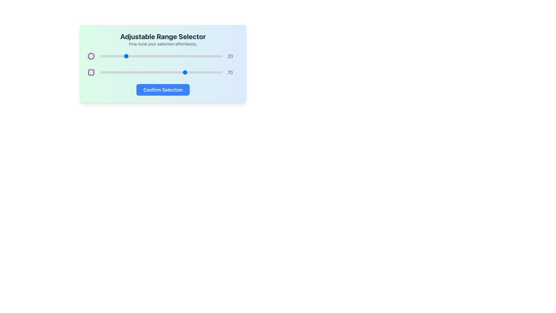 The width and height of the screenshot is (556, 313). Describe the element at coordinates (195, 72) in the screenshot. I see `the slider` at that location.